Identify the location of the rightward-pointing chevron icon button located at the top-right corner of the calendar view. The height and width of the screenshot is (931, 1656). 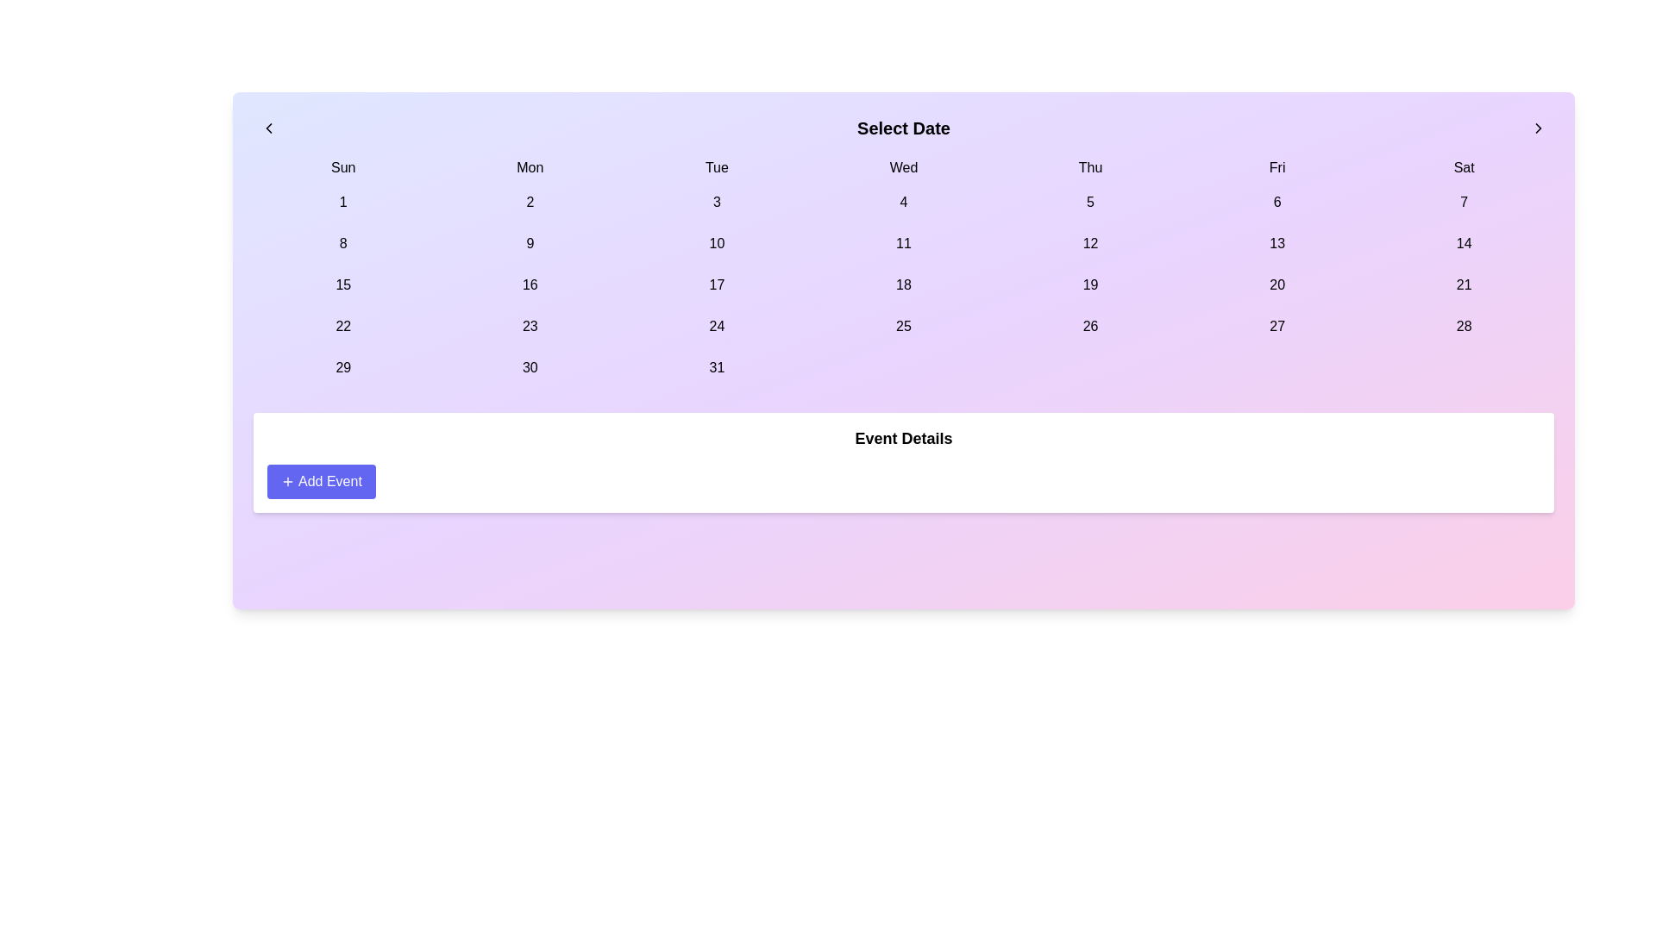
(1539, 128).